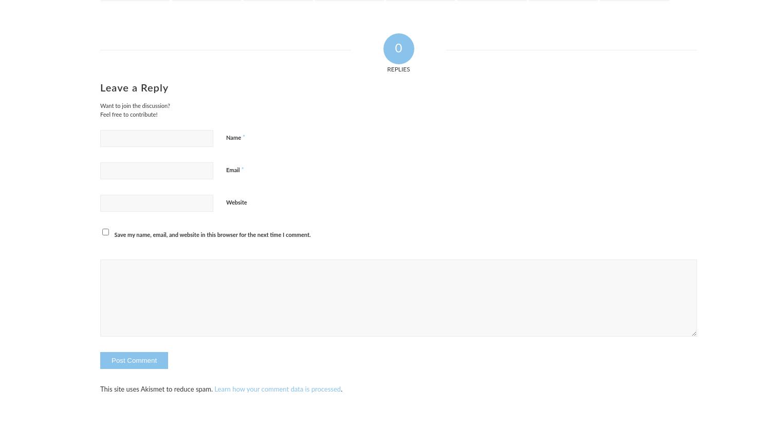  What do you see at coordinates (135, 106) in the screenshot?
I see `'Want to join the discussion?'` at bounding box center [135, 106].